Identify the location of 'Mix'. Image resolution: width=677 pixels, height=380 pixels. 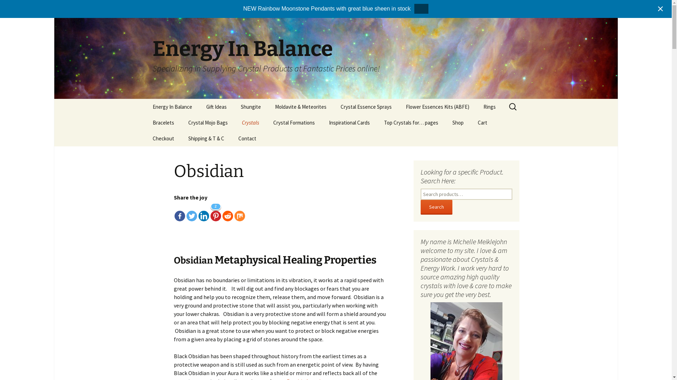
(234, 211).